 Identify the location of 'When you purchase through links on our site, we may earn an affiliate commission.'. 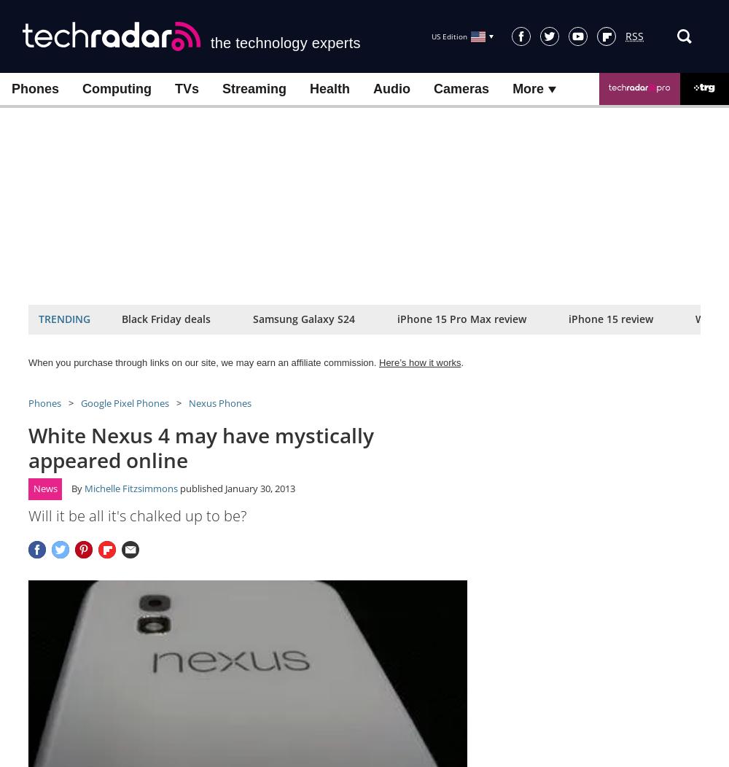
(28, 362).